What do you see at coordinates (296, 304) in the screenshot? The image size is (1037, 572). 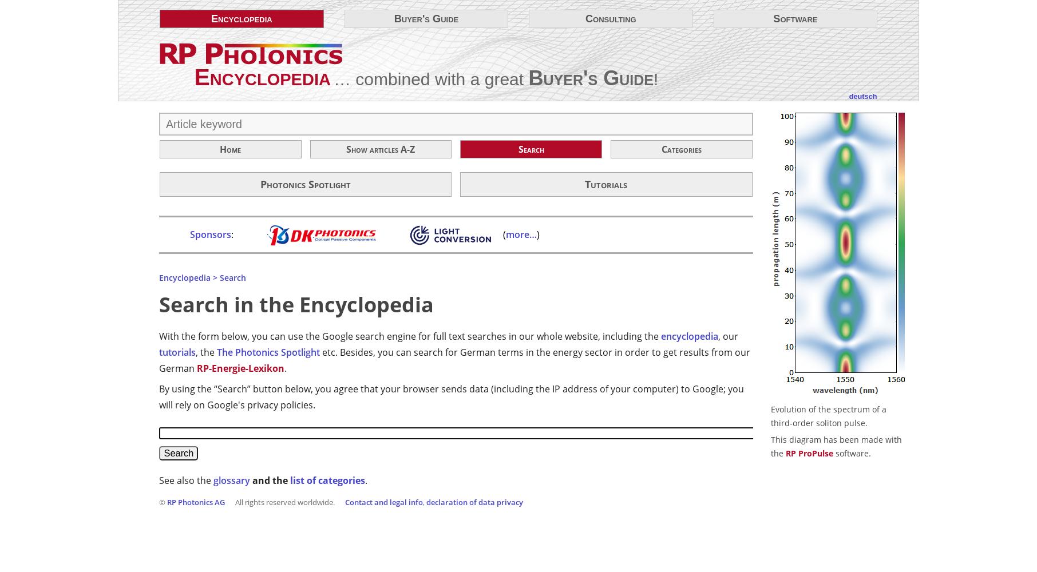 I see `'Search in the Encyclopedia'` at bounding box center [296, 304].